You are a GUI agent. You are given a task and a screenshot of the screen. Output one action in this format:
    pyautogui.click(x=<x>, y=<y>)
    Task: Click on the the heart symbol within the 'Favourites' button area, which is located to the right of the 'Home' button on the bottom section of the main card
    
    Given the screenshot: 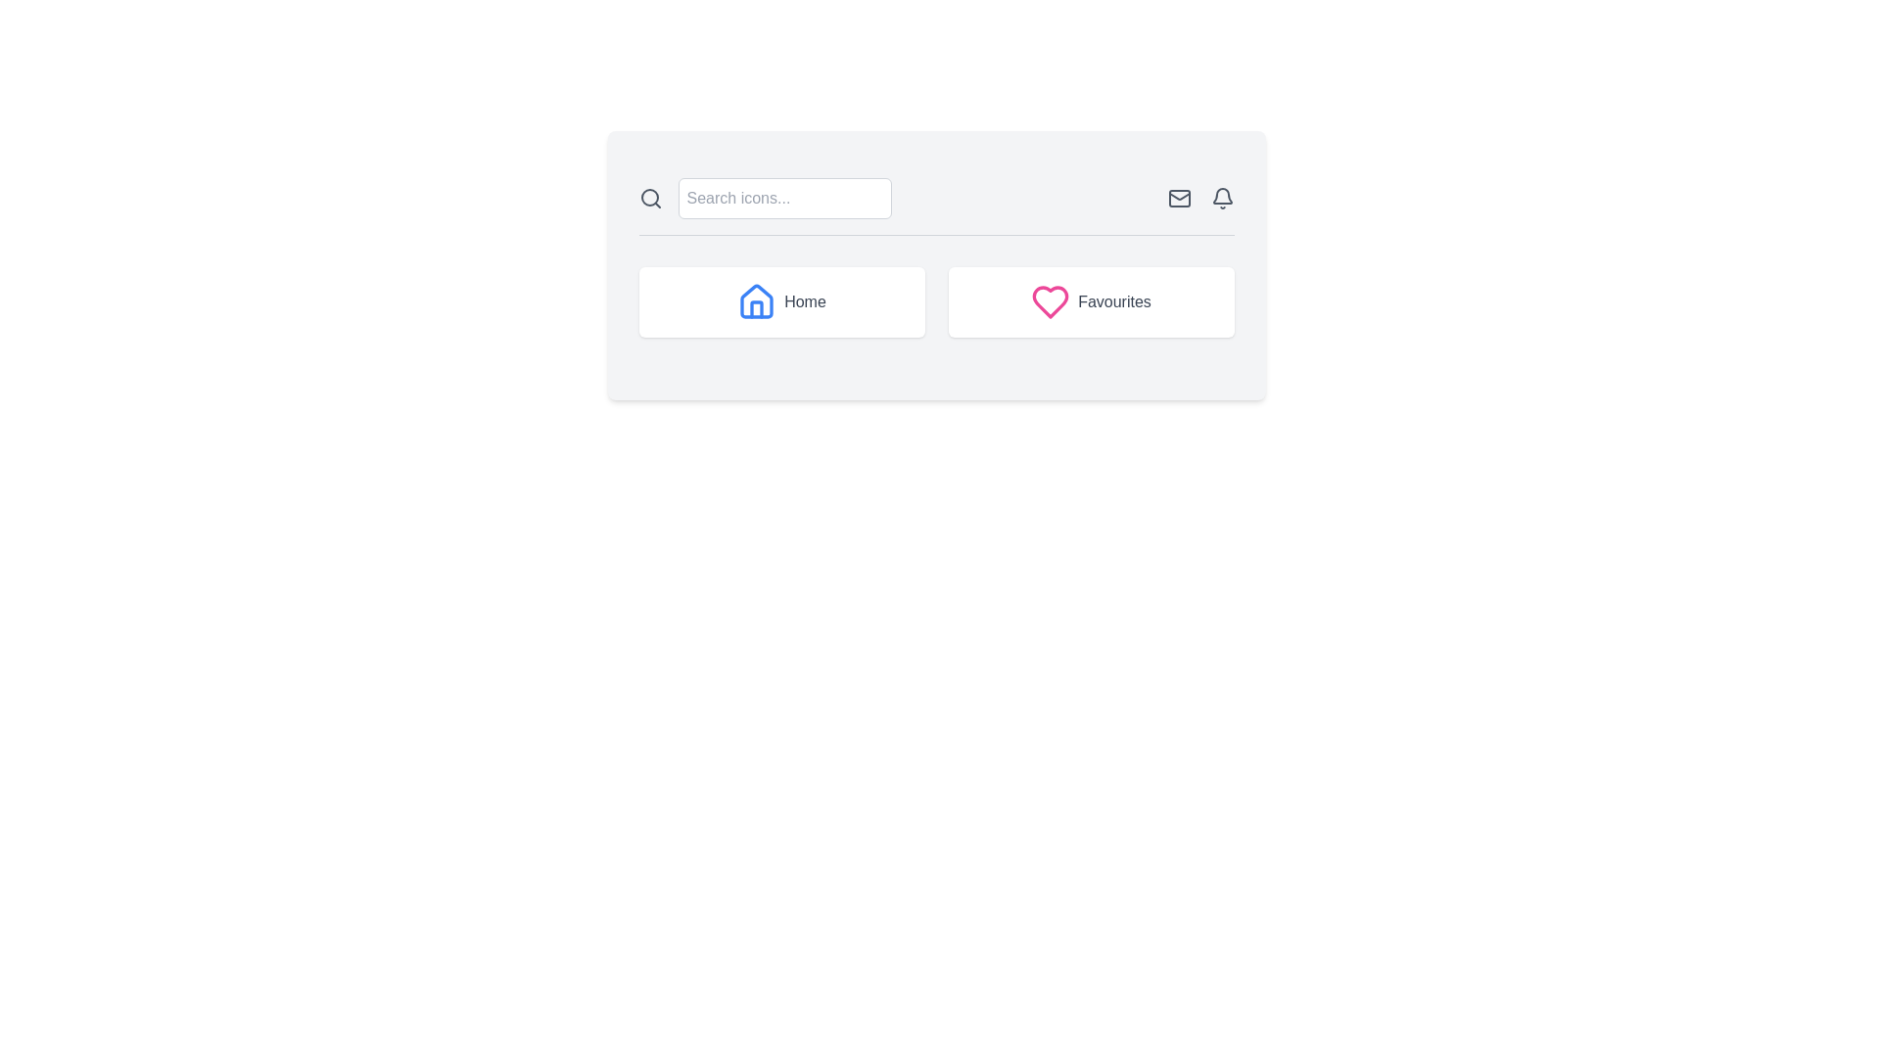 What is the action you would take?
    pyautogui.click(x=1050, y=301)
    